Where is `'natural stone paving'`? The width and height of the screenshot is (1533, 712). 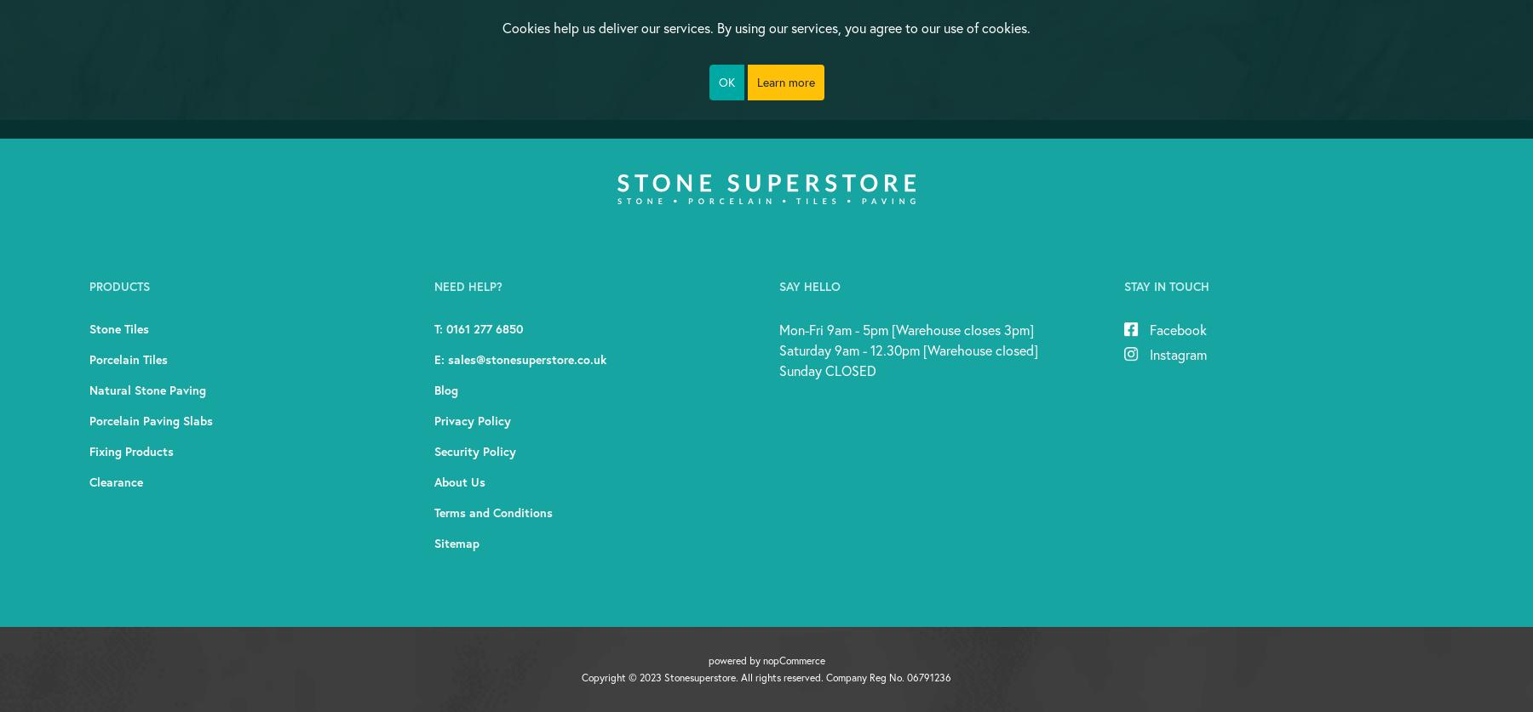
'natural stone paving' is located at coordinates (147, 388).